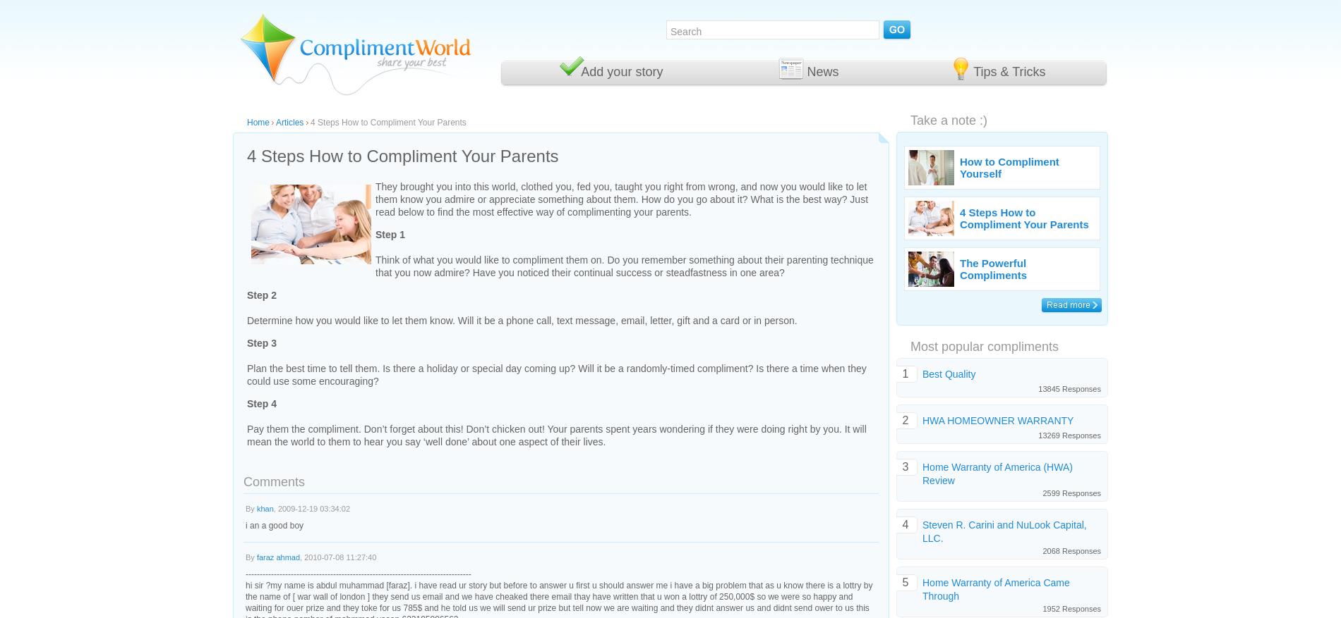 The image size is (1341, 618). Describe the element at coordinates (289, 122) in the screenshot. I see `'Articles'` at that location.